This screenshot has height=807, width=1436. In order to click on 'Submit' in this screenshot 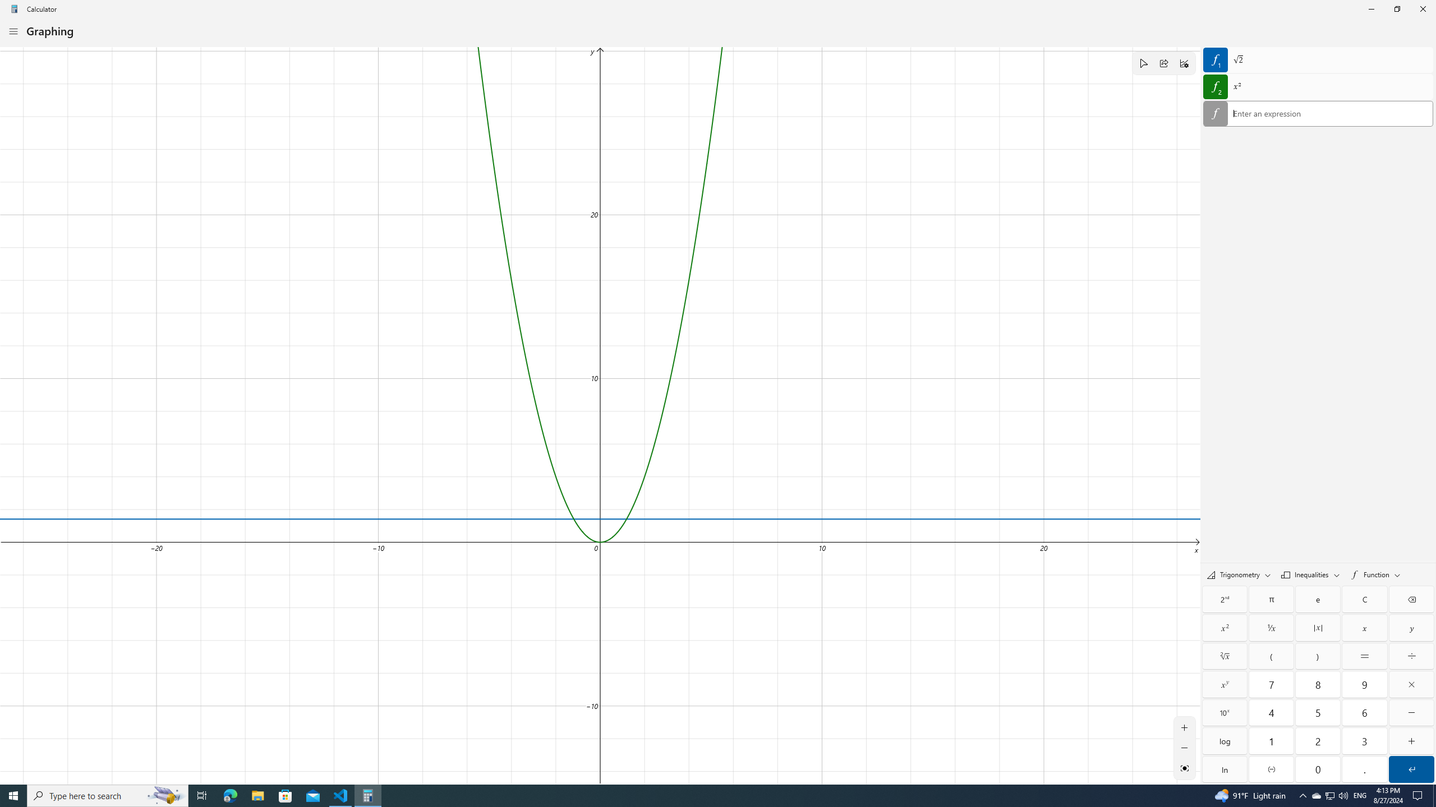, I will do `click(1411, 769)`.